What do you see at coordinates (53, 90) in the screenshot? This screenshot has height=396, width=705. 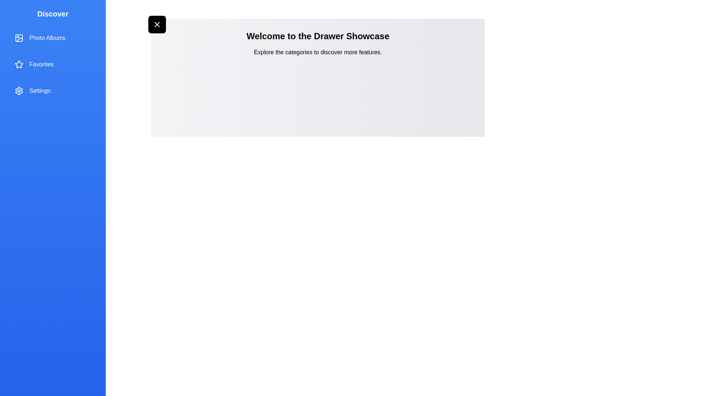 I see `the drawer item Settings to observe the hover effect` at bounding box center [53, 90].